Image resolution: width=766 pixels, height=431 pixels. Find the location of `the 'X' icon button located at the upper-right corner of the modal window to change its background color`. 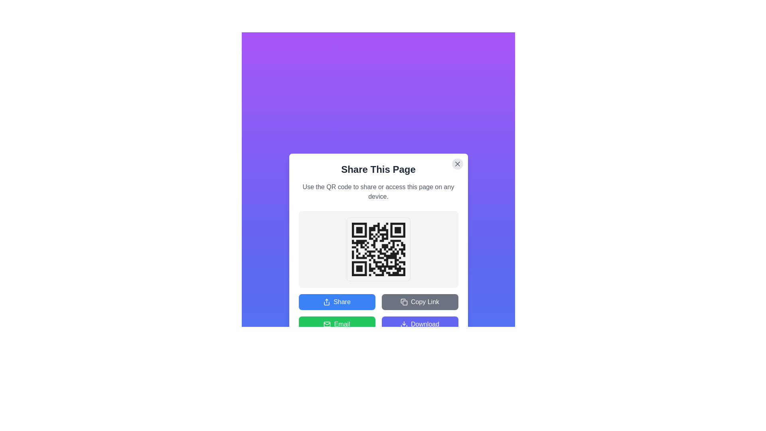

the 'X' icon button located at the upper-right corner of the modal window to change its background color is located at coordinates (457, 164).